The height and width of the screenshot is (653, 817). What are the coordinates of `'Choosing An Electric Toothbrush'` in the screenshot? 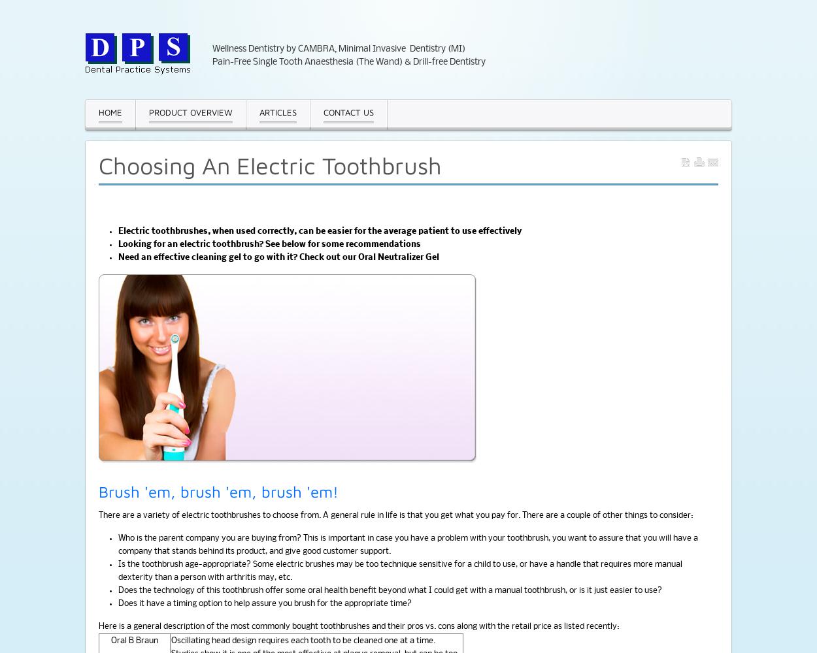 It's located at (270, 165).